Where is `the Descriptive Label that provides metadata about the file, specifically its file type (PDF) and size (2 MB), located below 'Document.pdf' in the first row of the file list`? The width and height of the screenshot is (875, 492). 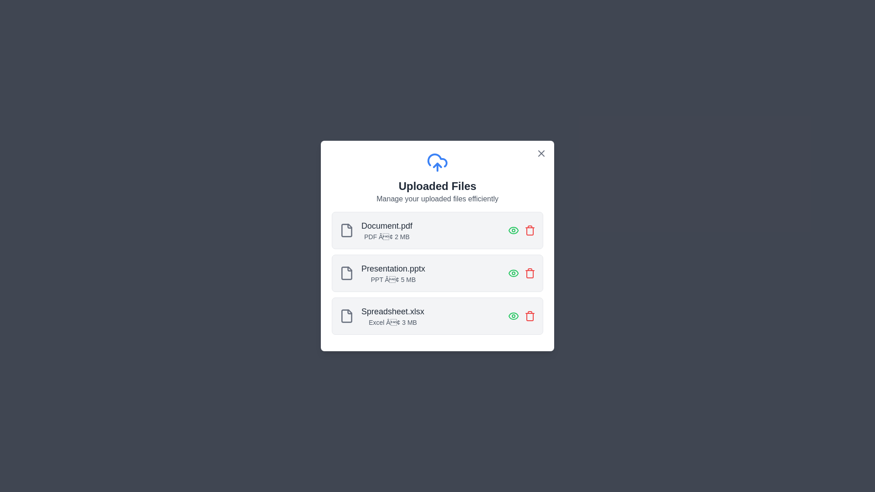 the Descriptive Label that provides metadata about the file, specifically its file type (PDF) and size (2 MB), located below 'Document.pdf' in the first row of the file list is located at coordinates (387, 230).